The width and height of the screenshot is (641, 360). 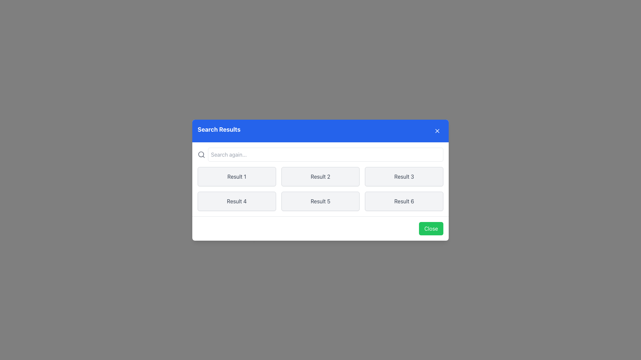 What do you see at coordinates (320, 180) in the screenshot?
I see `the button representing 'Result 2' in the top row of the modal dialog` at bounding box center [320, 180].